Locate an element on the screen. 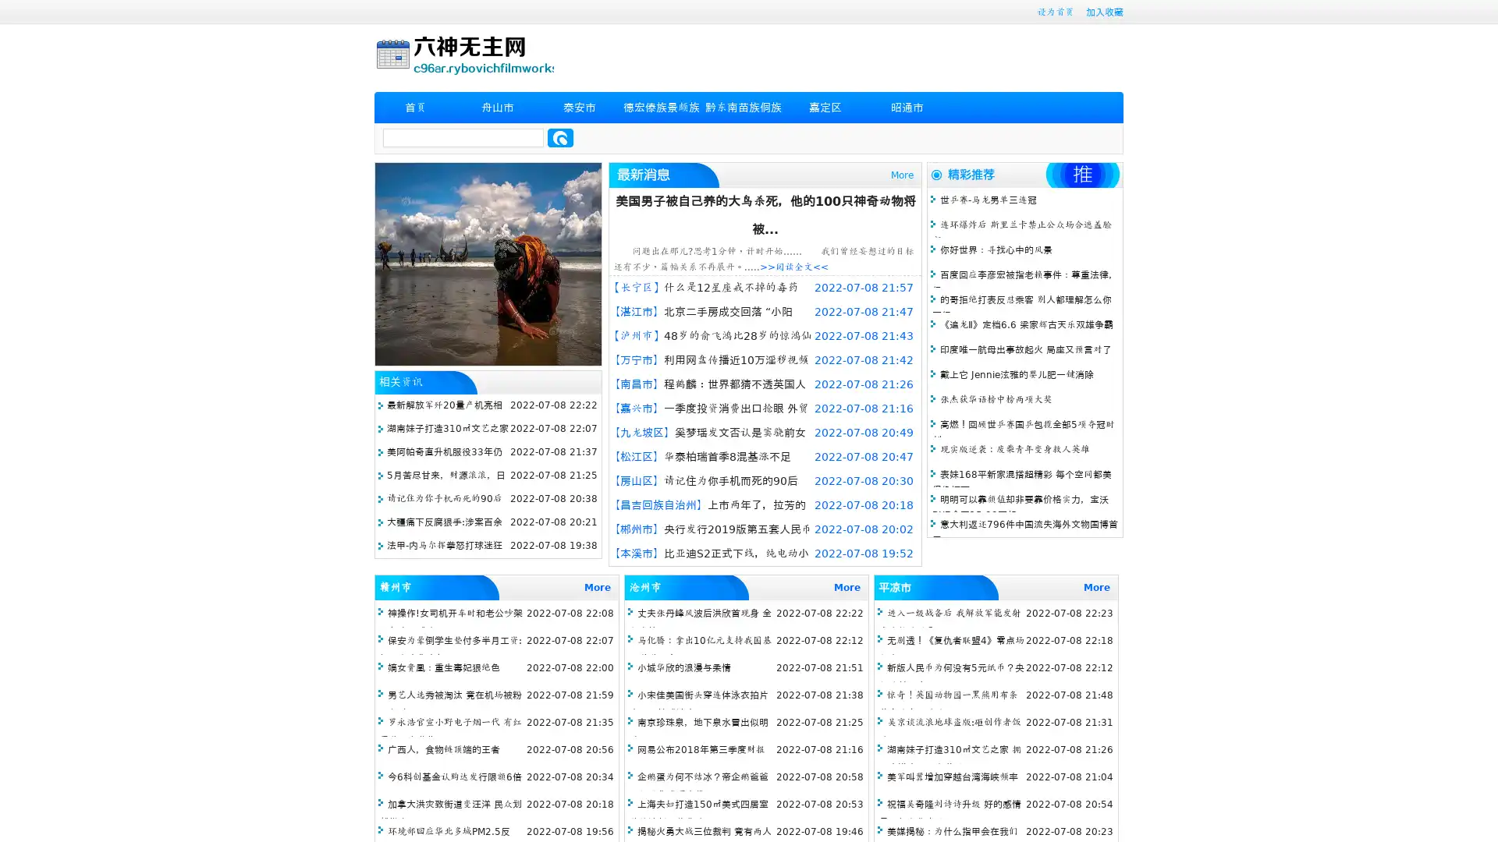 This screenshot has width=1498, height=842. Search is located at coordinates (560, 137).